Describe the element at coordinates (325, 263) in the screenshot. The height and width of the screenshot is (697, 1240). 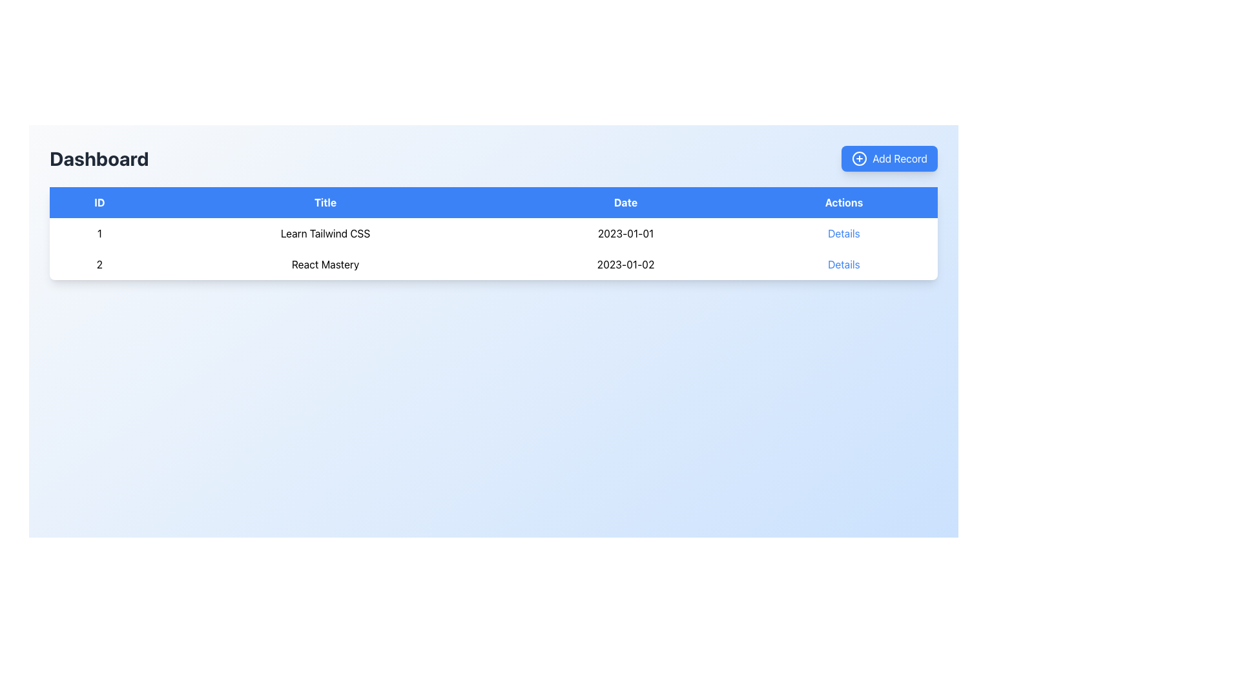
I see `text 'React Mastery' located in the second row under the 'Title' column of the table` at that location.